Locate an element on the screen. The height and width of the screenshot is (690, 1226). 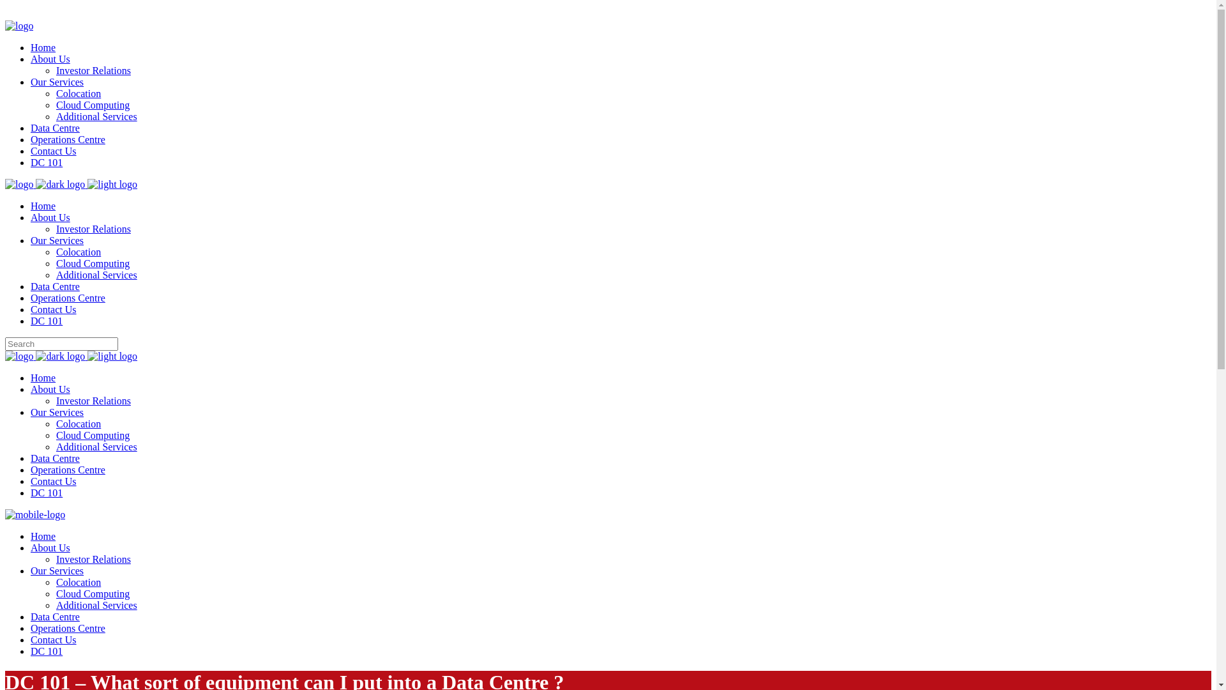
'Colocation' is located at coordinates (78, 93).